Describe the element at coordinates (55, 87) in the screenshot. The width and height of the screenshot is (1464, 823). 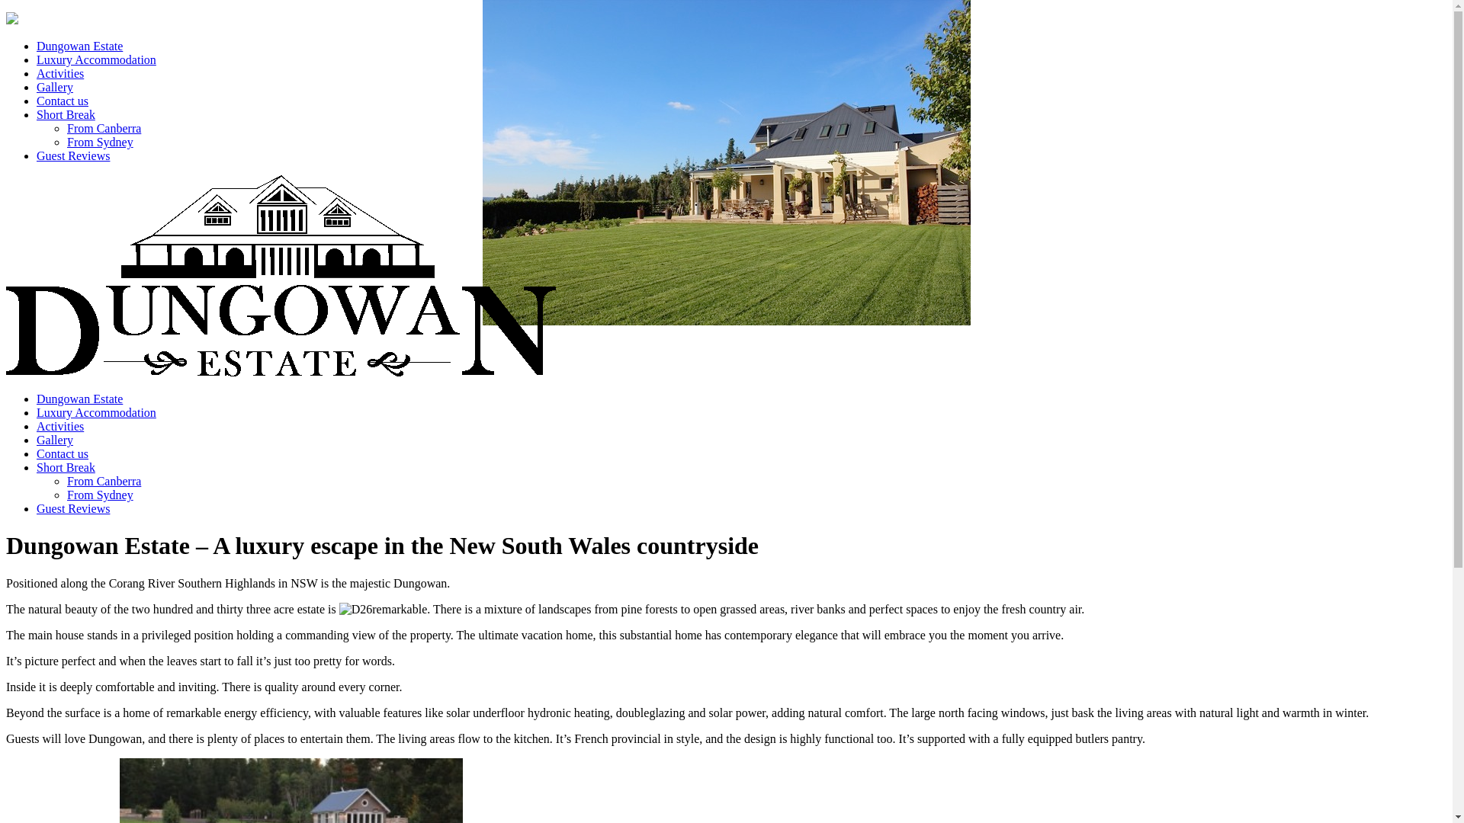
I see `'Gallery'` at that location.